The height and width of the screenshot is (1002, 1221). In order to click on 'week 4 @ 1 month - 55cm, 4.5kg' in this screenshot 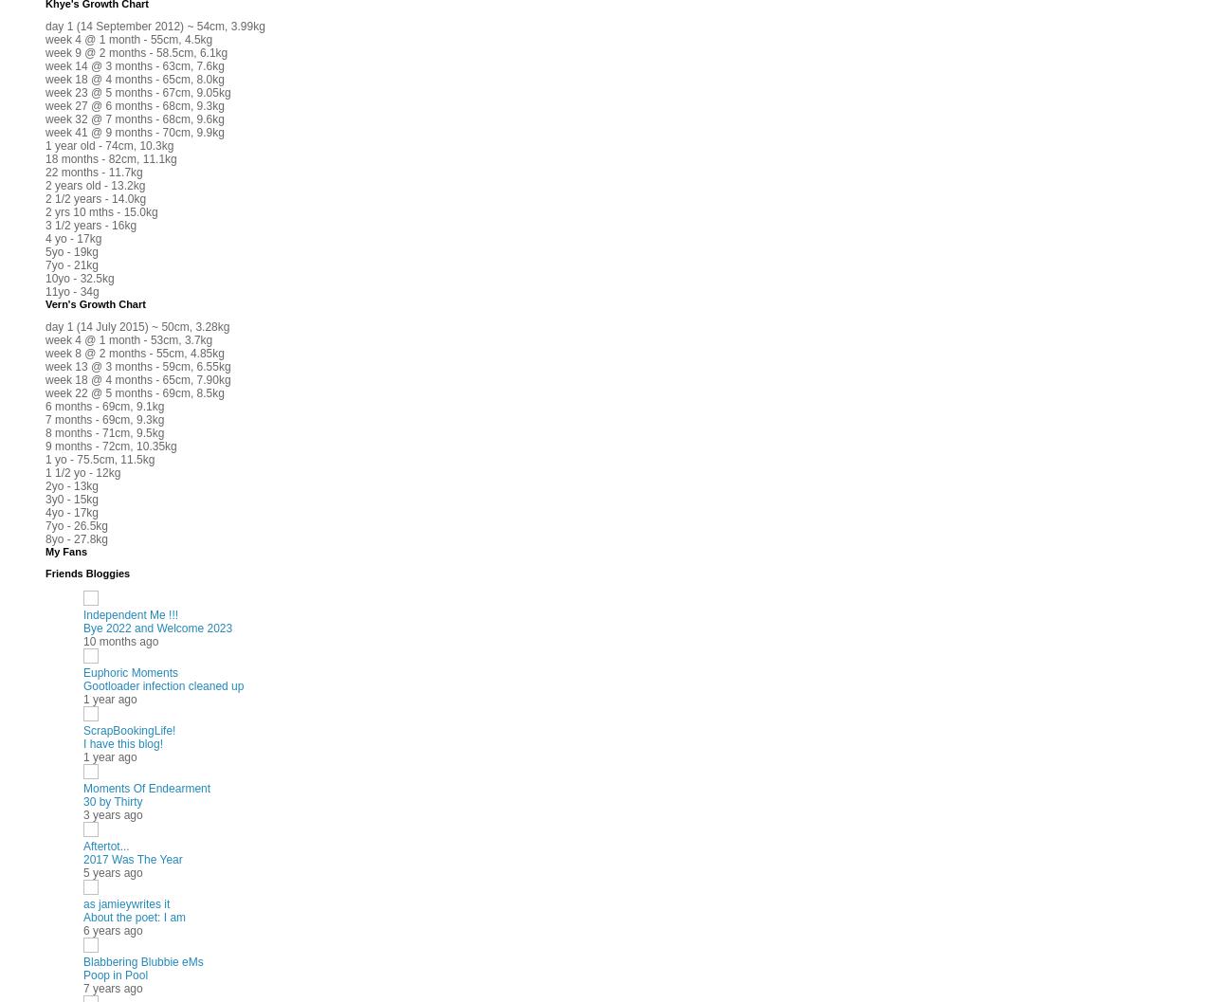, I will do `click(129, 39)`.